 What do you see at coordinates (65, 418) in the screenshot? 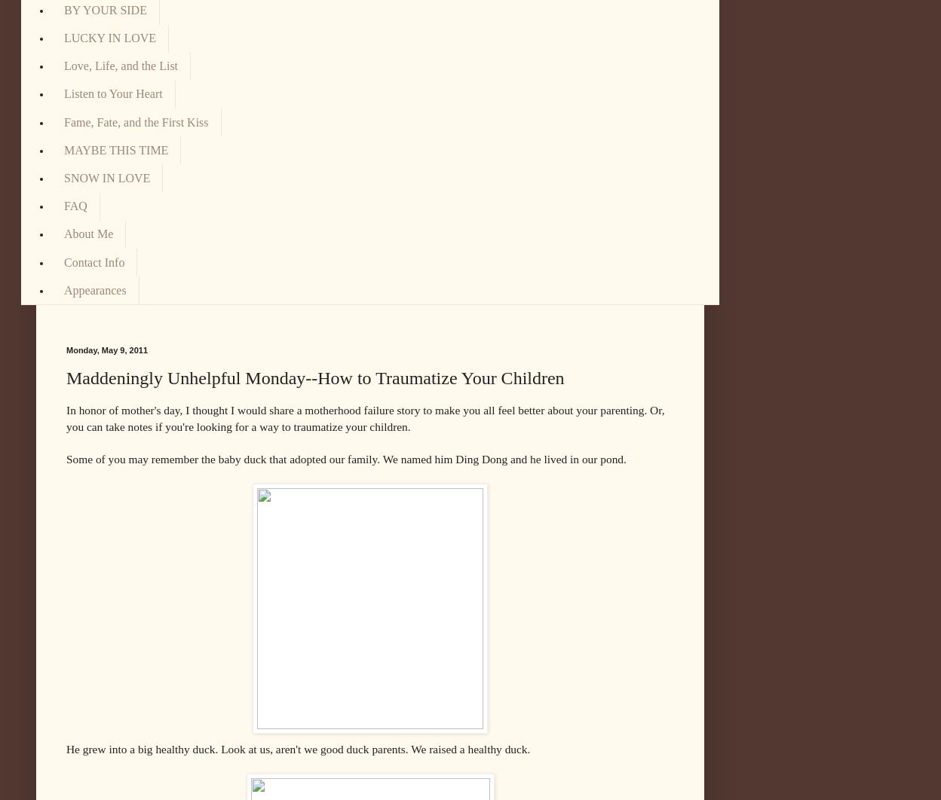
I see `'In honor of mother's day, I thought I would share a motherhood failure story to make you all feel better about your parenting.  Or, you can take notes if you're looking for a way to traumatize your children.'` at bounding box center [65, 418].